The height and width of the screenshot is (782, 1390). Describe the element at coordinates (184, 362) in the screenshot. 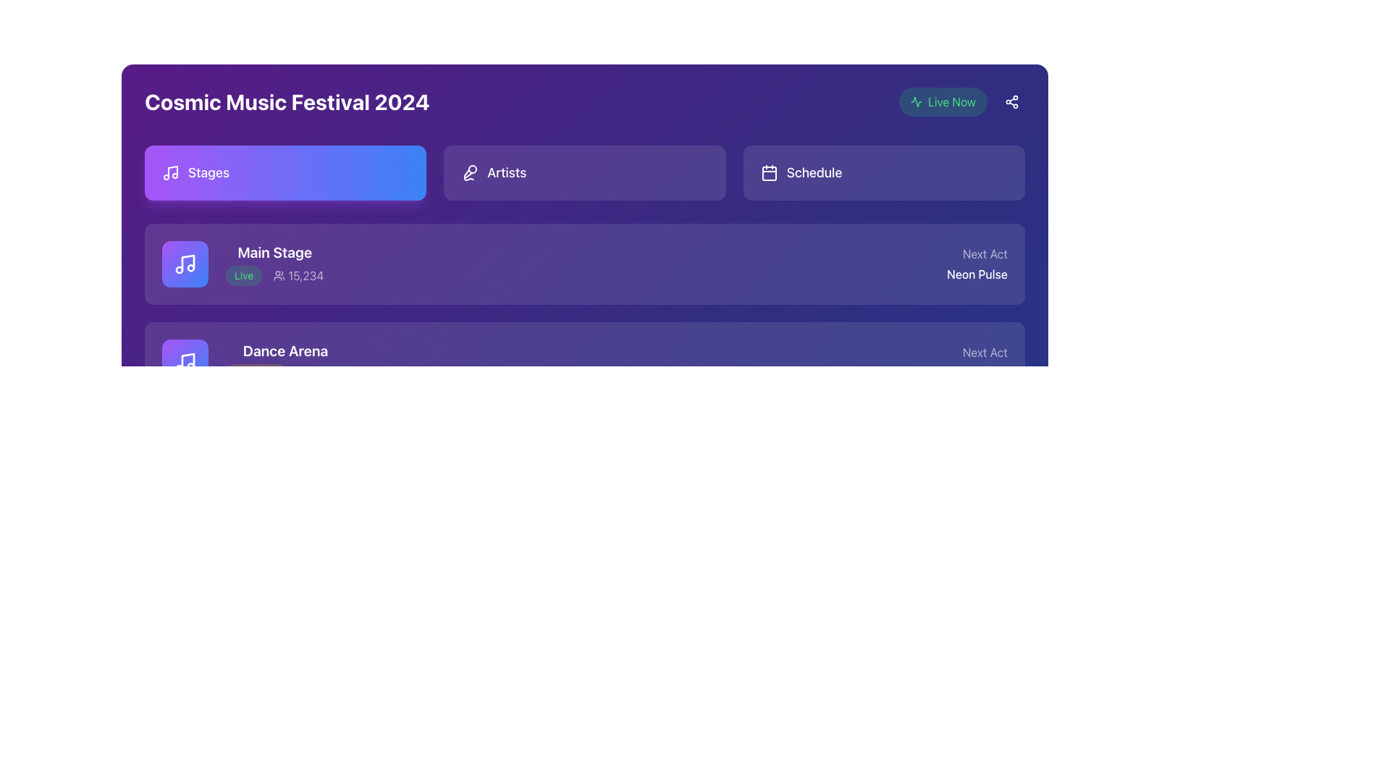

I see `the square-shaped icon with a gradient background from purple to blue, featuring a white music note symbol, located to the left of the 'Dance Arena' entry in the list of stages` at that location.